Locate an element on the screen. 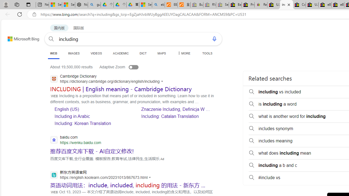  'Search' is located at coordinates (51, 38).